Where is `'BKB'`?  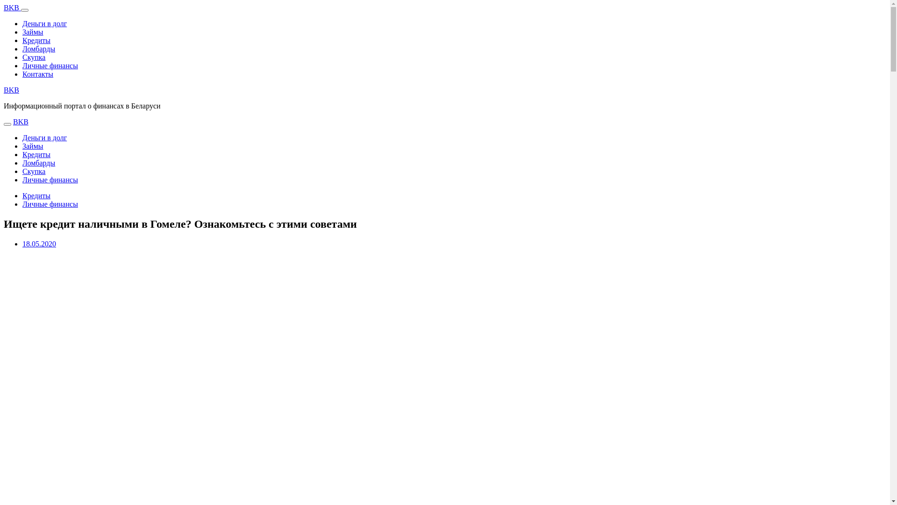 'BKB' is located at coordinates (12, 7).